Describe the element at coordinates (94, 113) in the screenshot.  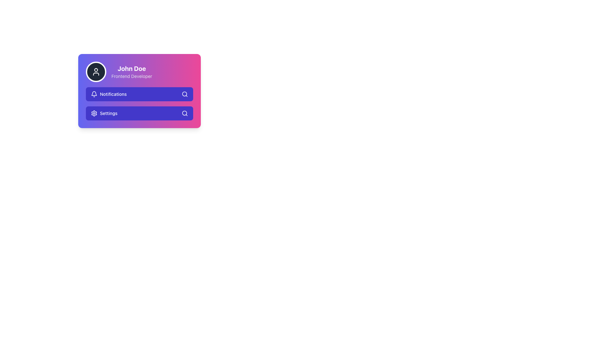
I see `the gear-shaped icon located to the left of the 'Settings' text label in the second list item of a vertical list within the card` at that location.